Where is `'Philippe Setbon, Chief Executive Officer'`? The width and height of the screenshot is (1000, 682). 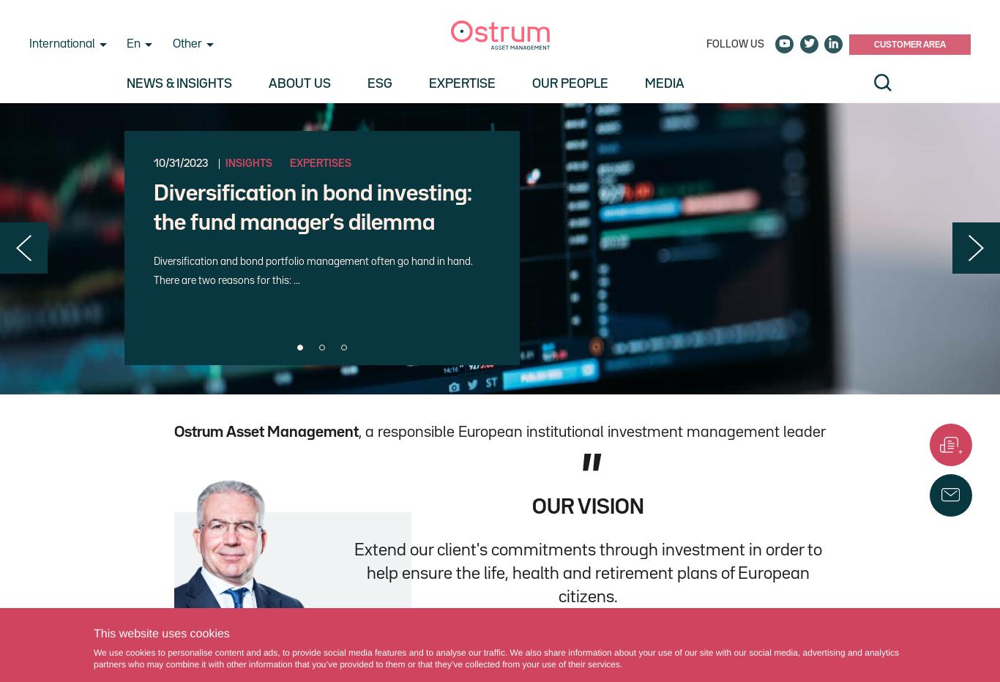
'Philippe Setbon, Chief Executive Officer' is located at coordinates (646, 645).